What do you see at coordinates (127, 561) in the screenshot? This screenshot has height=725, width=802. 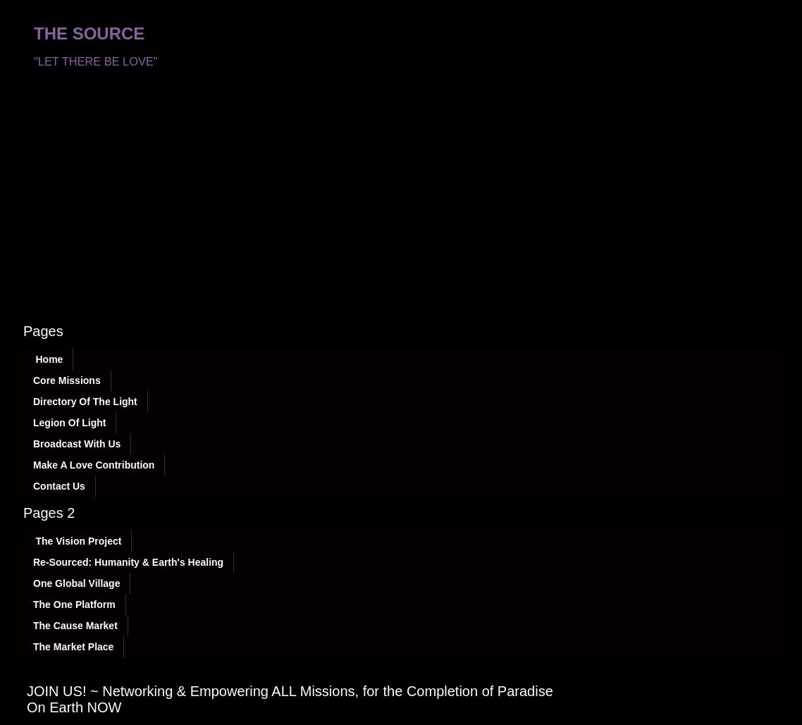 I see `'Re-Sourced: Humanity & Earth's Healing'` at bounding box center [127, 561].